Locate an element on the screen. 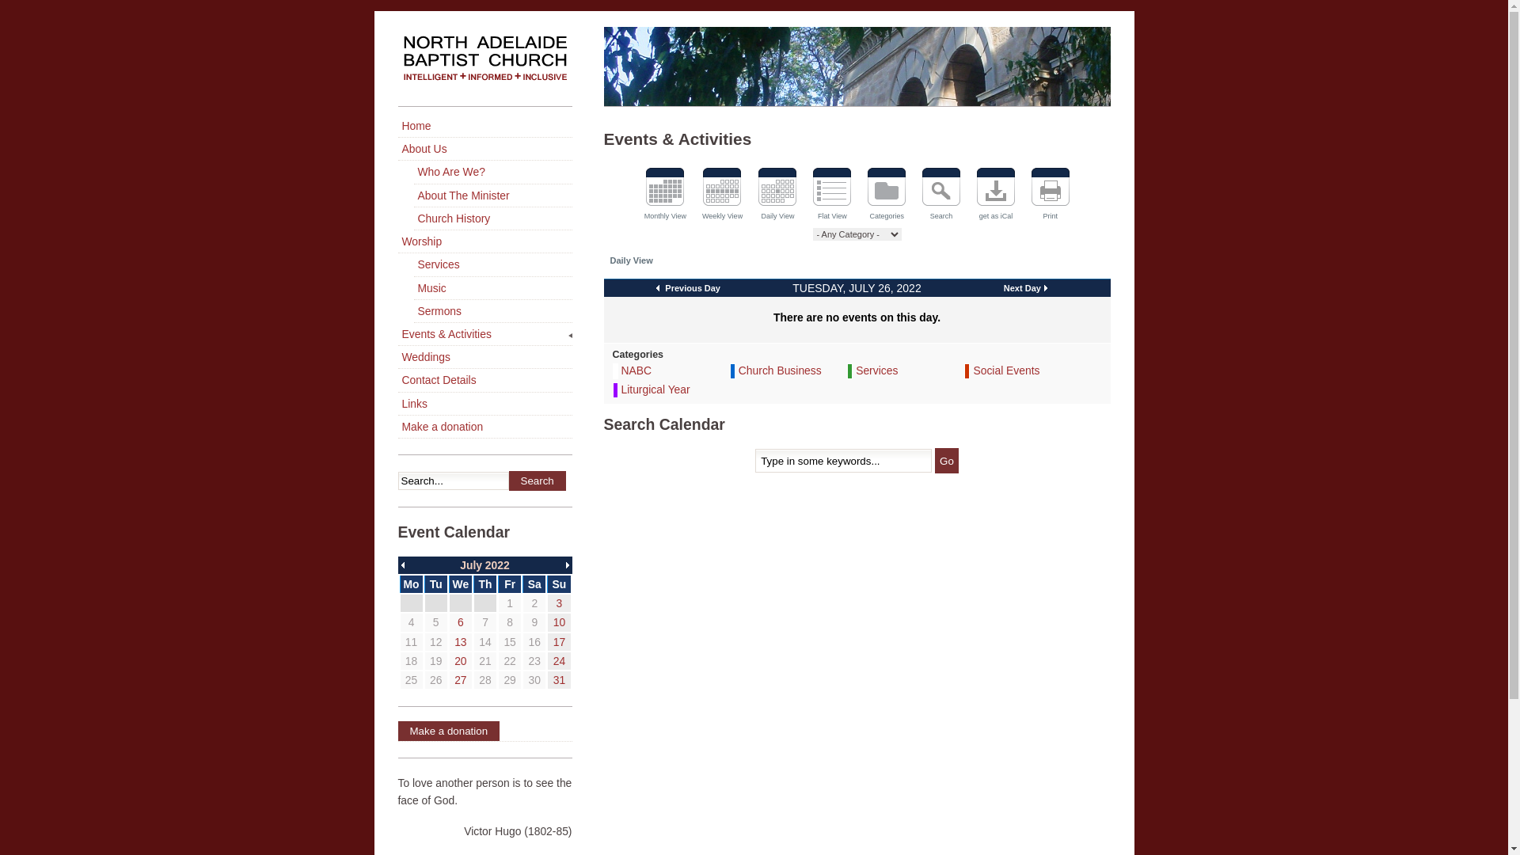 The image size is (1520, 855). '20' is located at coordinates (459, 660).